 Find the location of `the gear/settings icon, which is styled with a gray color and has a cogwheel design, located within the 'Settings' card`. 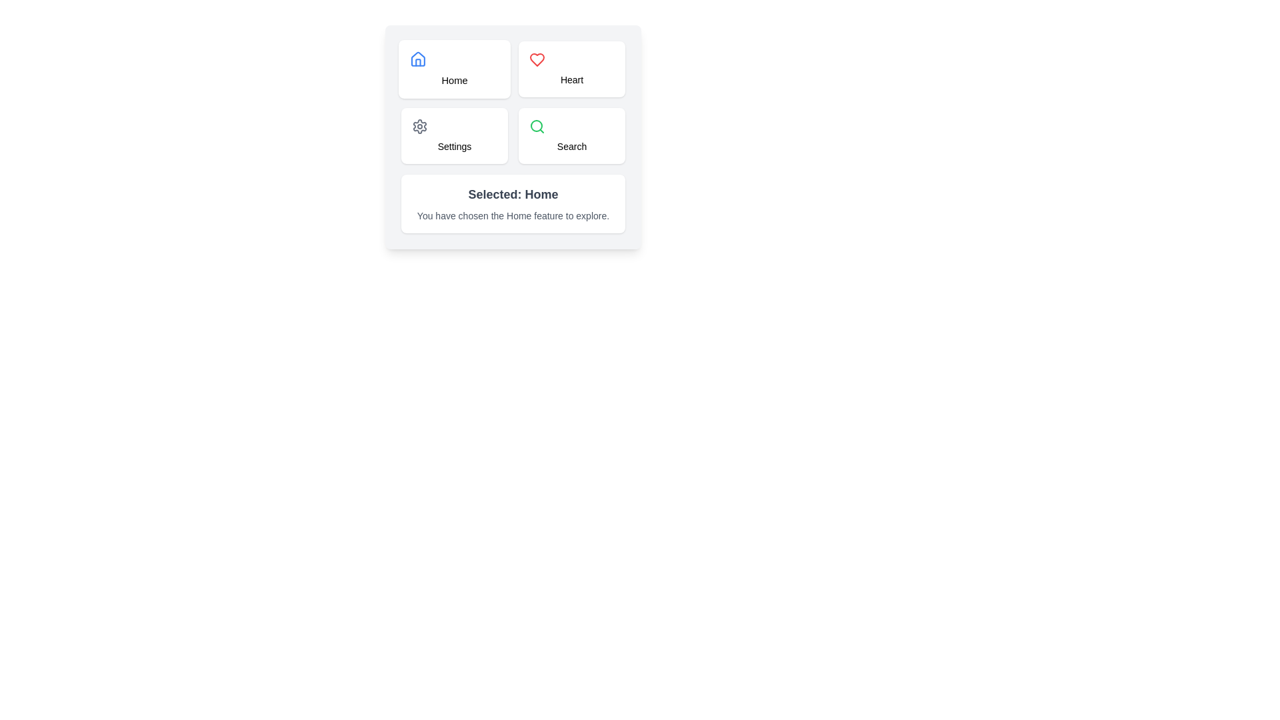

the gear/settings icon, which is styled with a gray color and has a cogwheel design, located within the 'Settings' card is located at coordinates (419, 126).